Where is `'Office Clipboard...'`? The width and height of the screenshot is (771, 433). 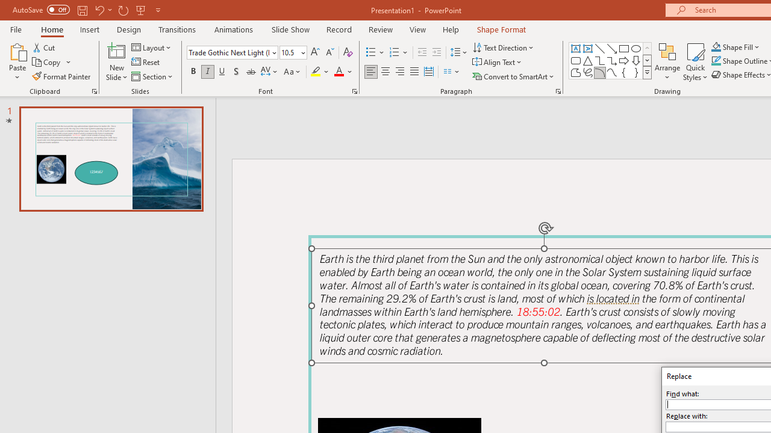
'Office Clipboard...' is located at coordinates (93, 90).